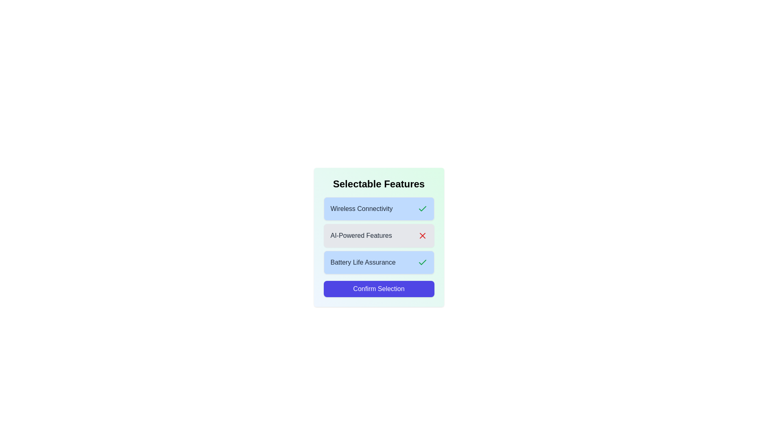 Image resolution: width=781 pixels, height=439 pixels. Describe the element at coordinates (378, 288) in the screenshot. I see `the rectangular button labeled 'Confirm Selection' with a purple background, located at the bottom of the 'Selectable Features' section` at that location.